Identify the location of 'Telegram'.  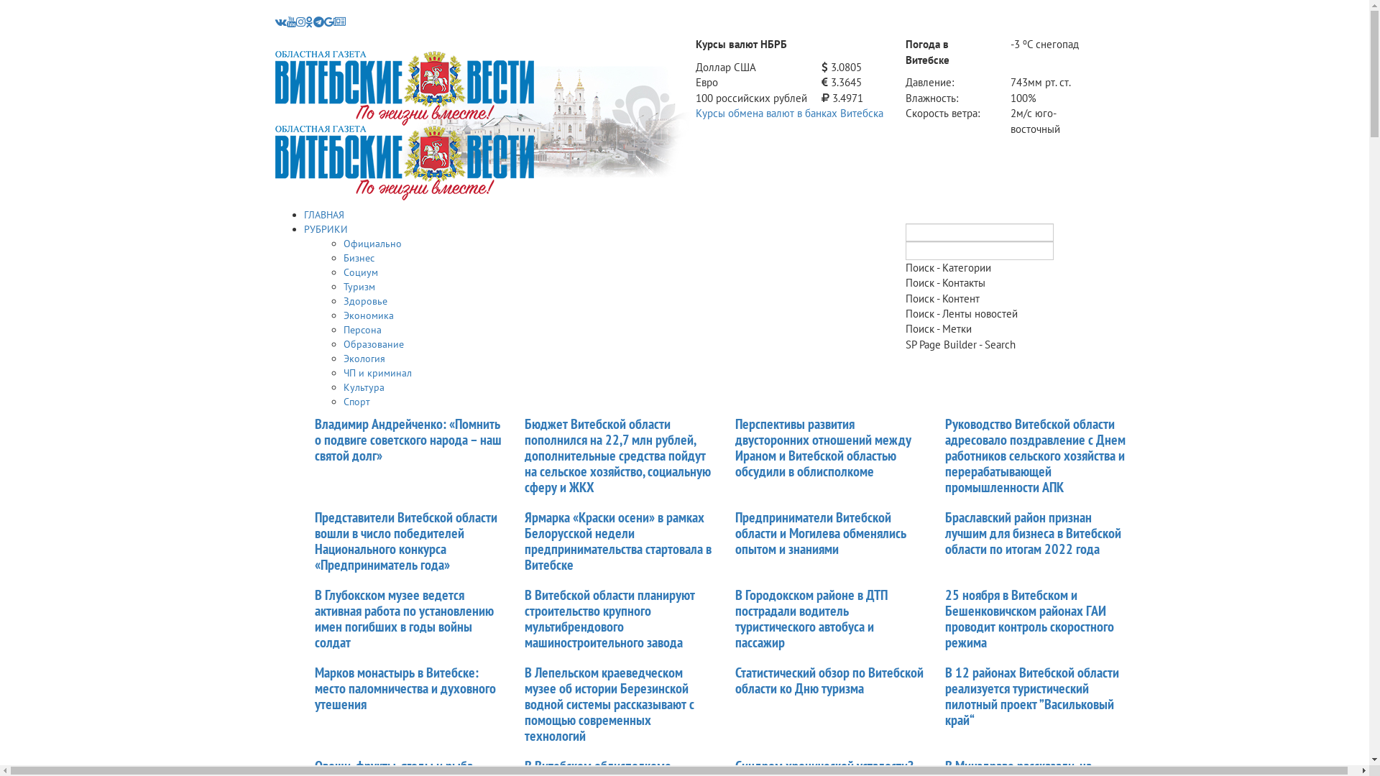
(318, 22).